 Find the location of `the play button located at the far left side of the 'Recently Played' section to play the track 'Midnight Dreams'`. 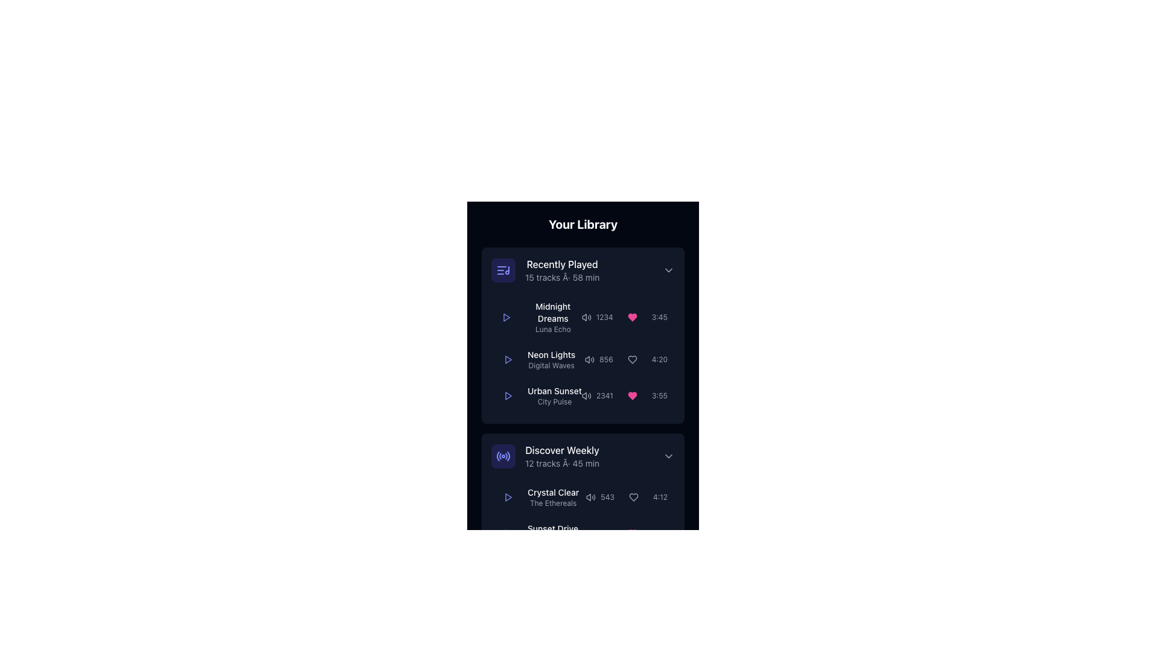

the play button located at the far left side of the 'Recently Played' section to play the track 'Midnight Dreams' is located at coordinates (506, 316).